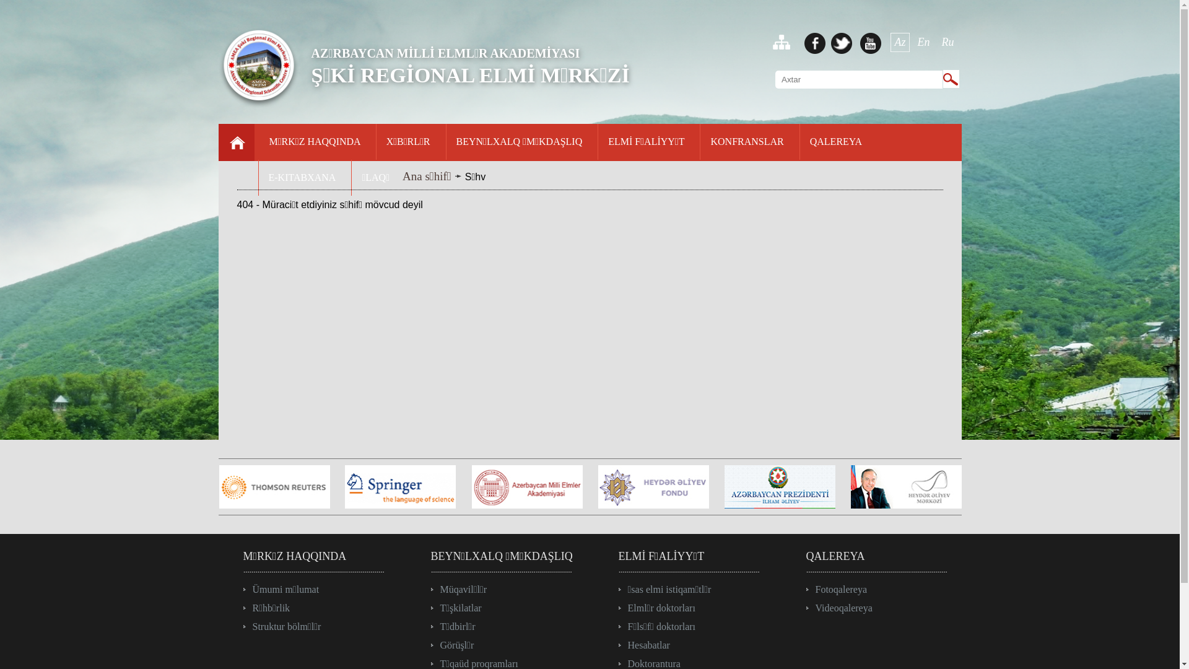 This screenshot has height=669, width=1189. Describe the element at coordinates (912, 42) in the screenshot. I see `'En'` at that location.